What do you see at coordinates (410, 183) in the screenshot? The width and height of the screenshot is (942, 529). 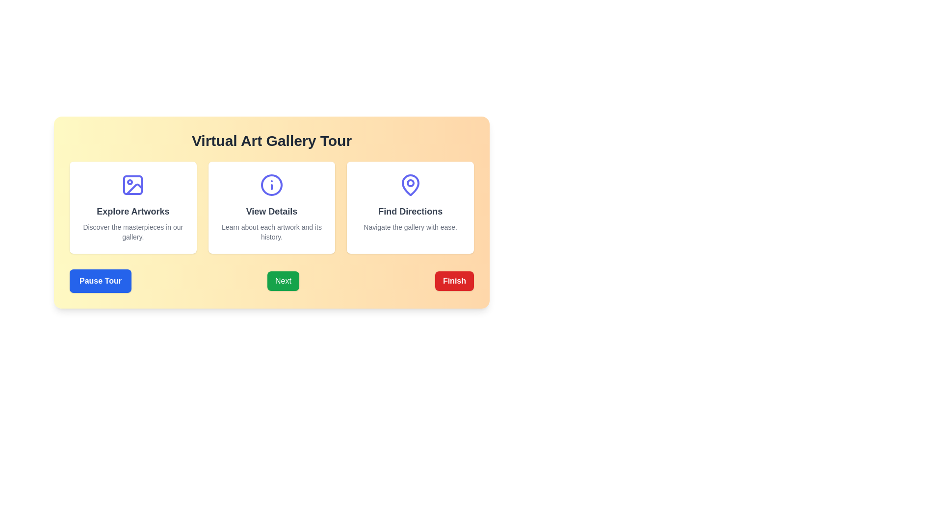 I see `the SVG circle element located at the center of the 'Find Directions' card in the rightmost position of three cards under the 'Virtual Art Gallery Tour' header` at bounding box center [410, 183].